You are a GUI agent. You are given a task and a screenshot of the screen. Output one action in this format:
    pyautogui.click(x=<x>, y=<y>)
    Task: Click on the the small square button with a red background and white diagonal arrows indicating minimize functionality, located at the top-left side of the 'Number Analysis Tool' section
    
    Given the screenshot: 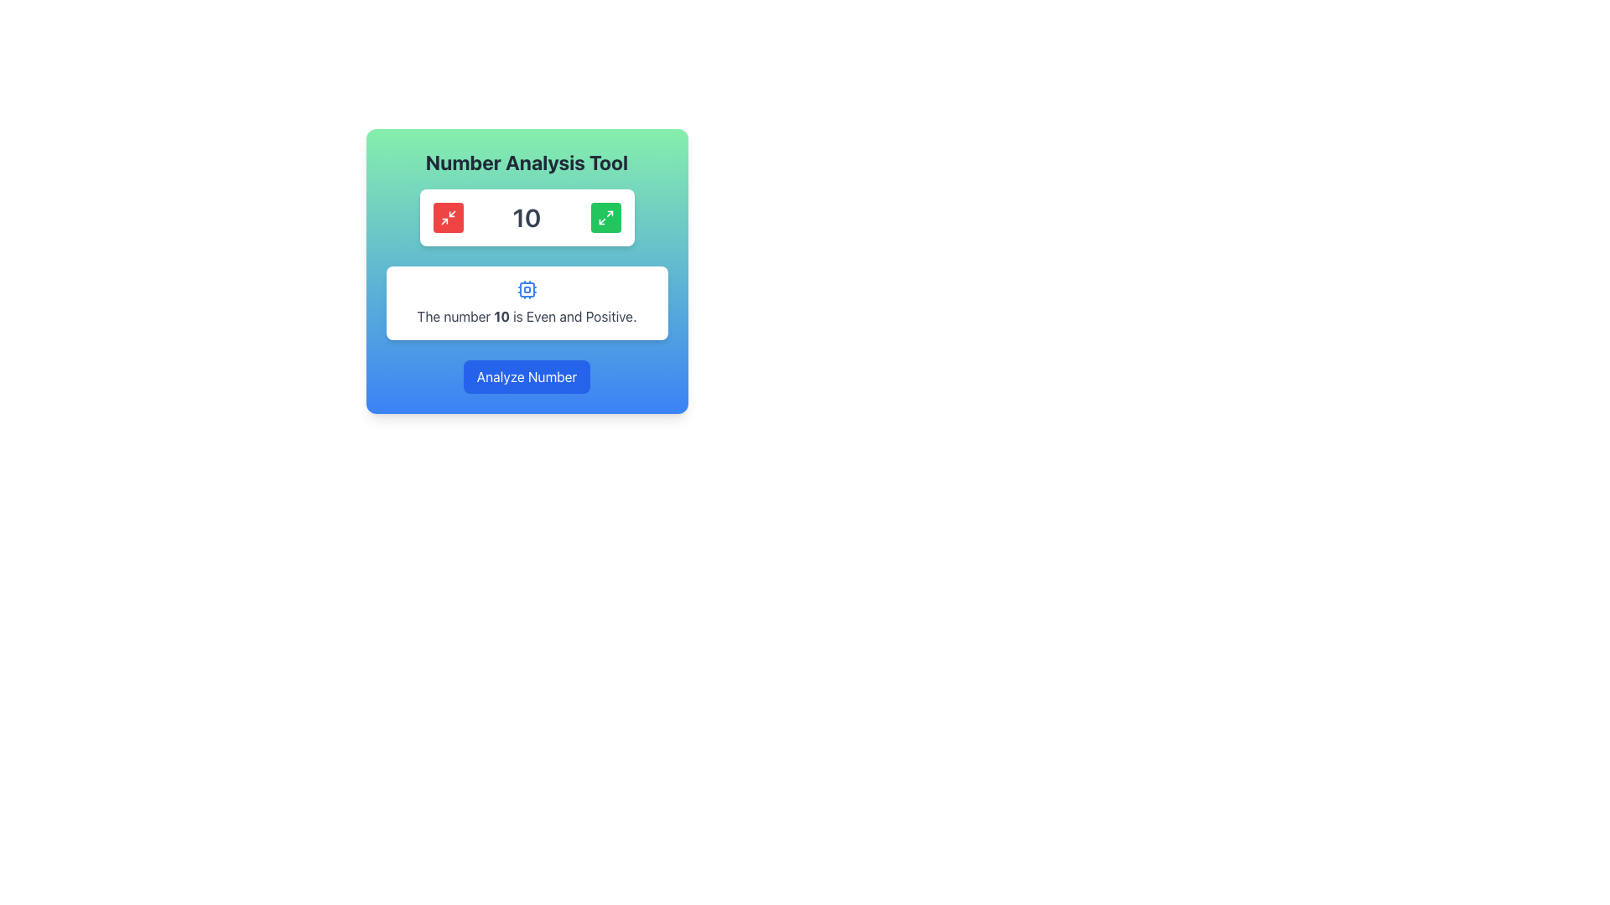 What is the action you would take?
    pyautogui.click(x=448, y=216)
    